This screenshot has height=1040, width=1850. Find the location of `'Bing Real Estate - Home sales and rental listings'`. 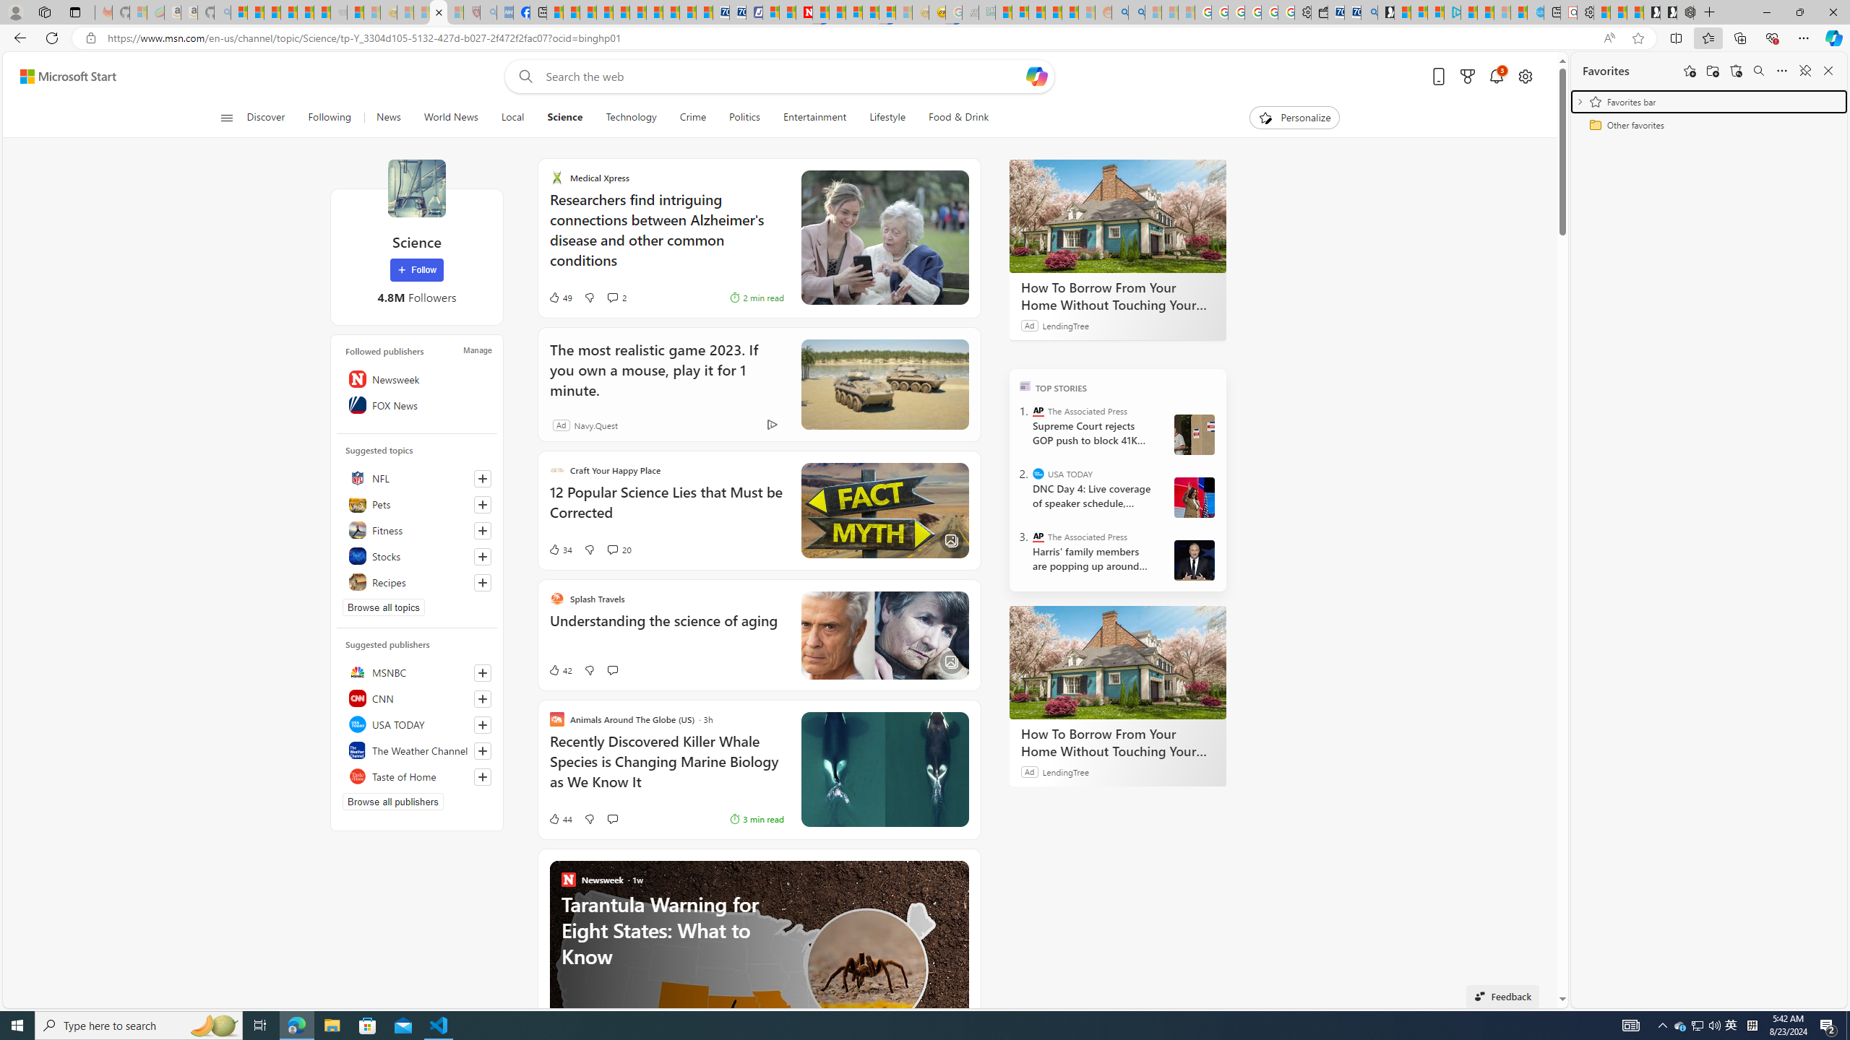

'Bing Real Estate - Home sales and rental listings' is located at coordinates (1368, 12).